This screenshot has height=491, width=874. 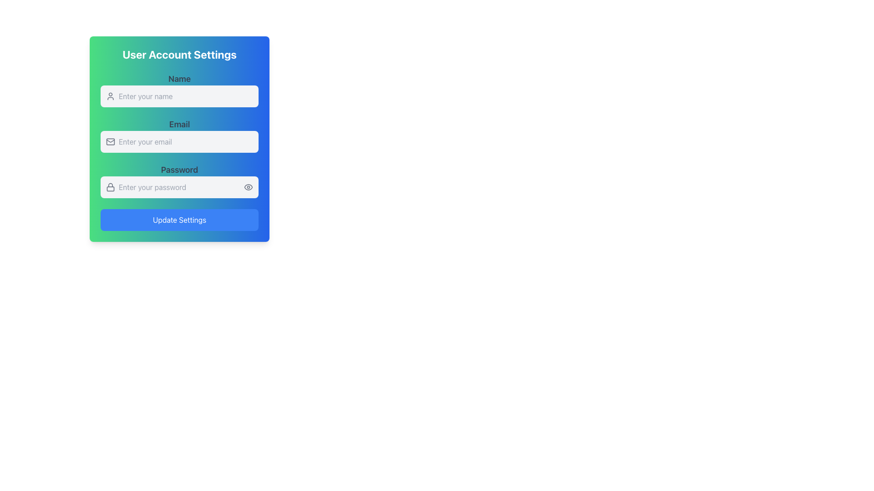 I want to click on the decorative icon located to the left of the 'Name' input field in the 'User Account Settings' section, so click(x=110, y=96).